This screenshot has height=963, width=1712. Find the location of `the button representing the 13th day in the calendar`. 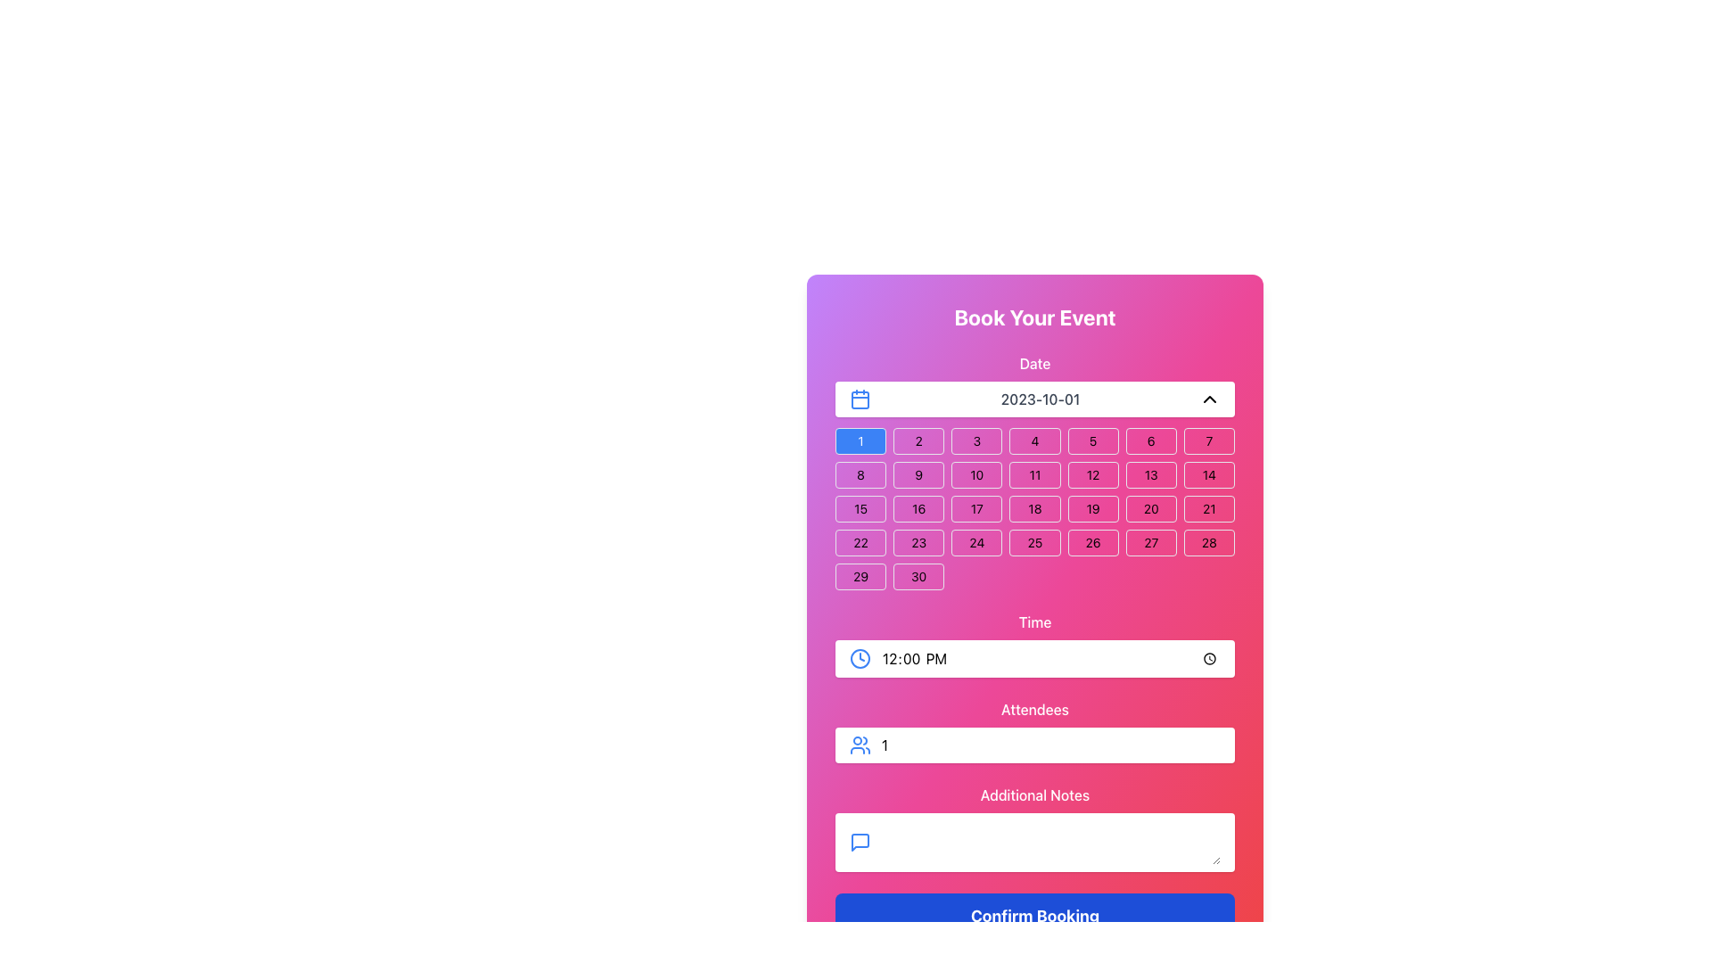

the button representing the 13th day in the calendar is located at coordinates (1151, 473).